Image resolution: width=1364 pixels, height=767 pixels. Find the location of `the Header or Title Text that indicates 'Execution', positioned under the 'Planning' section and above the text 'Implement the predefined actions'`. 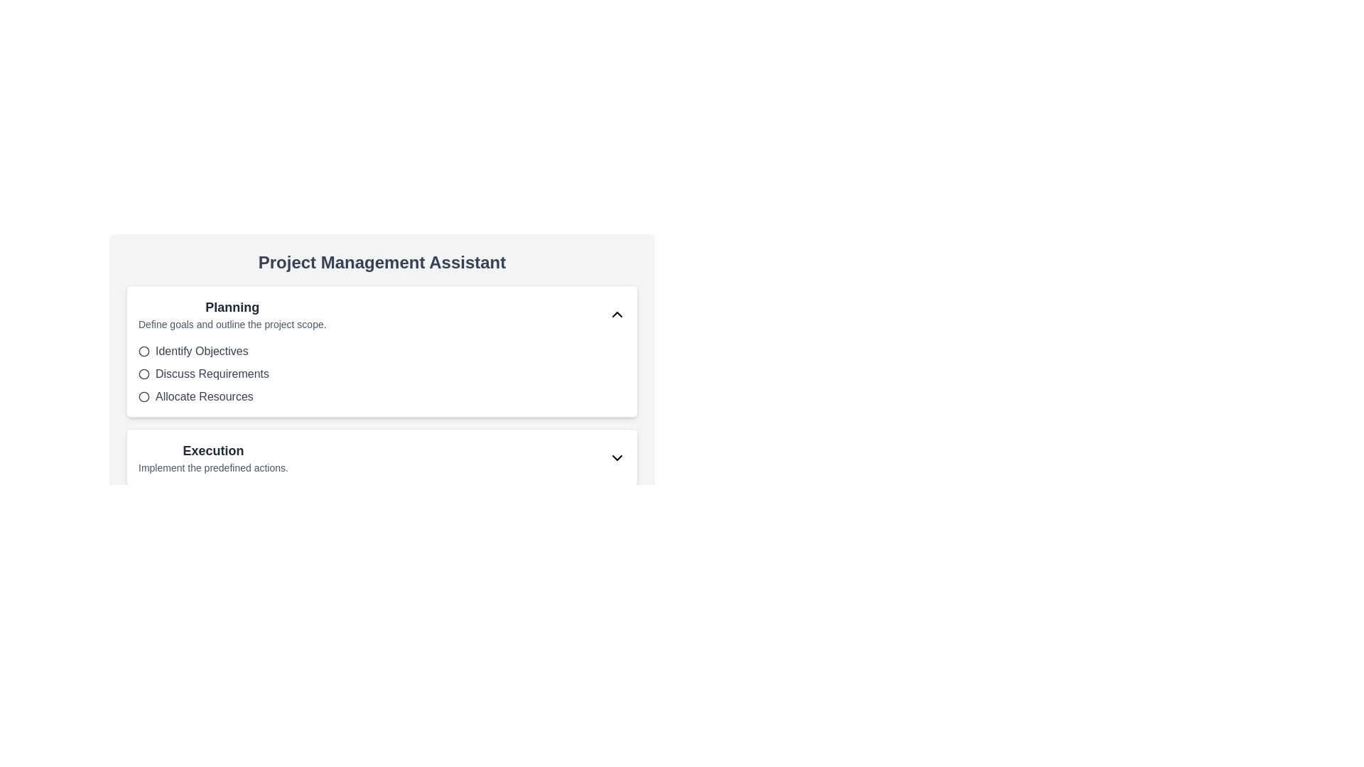

the Header or Title Text that indicates 'Execution', positioned under the 'Planning' section and above the text 'Implement the predefined actions' is located at coordinates (212, 451).